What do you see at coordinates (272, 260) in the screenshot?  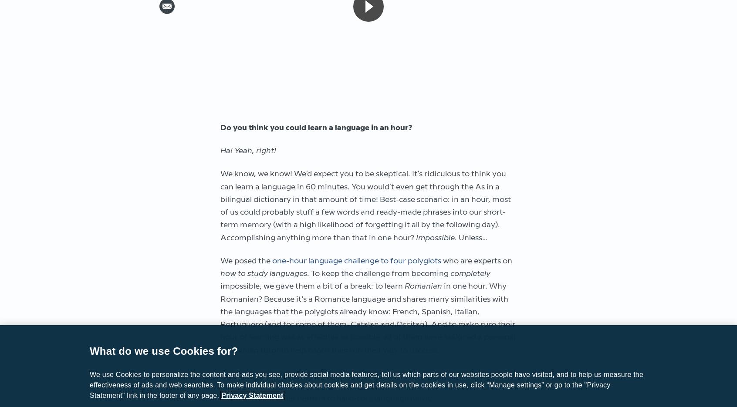 I see `'one-hour language challenge to four polyglots'` at bounding box center [272, 260].